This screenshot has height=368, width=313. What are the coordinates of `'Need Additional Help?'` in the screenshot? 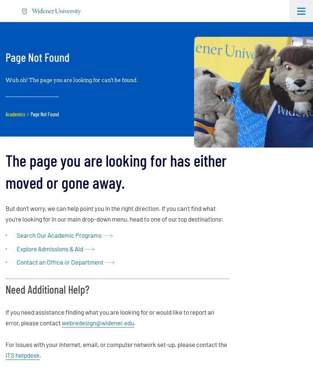 It's located at (48, 289).